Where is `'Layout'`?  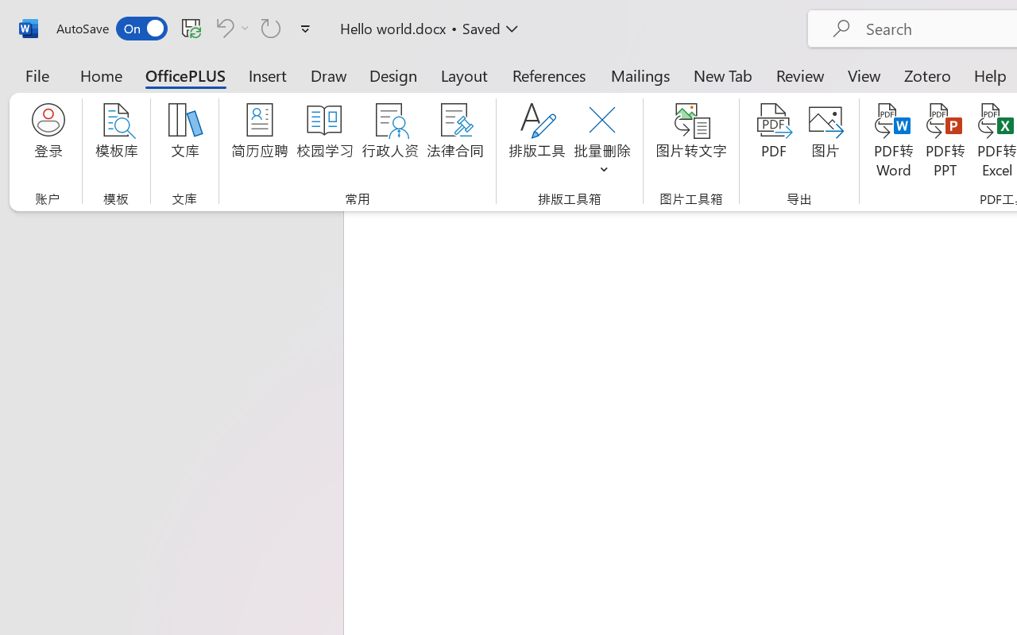 'Layout' is located at coordinates (463, 75).